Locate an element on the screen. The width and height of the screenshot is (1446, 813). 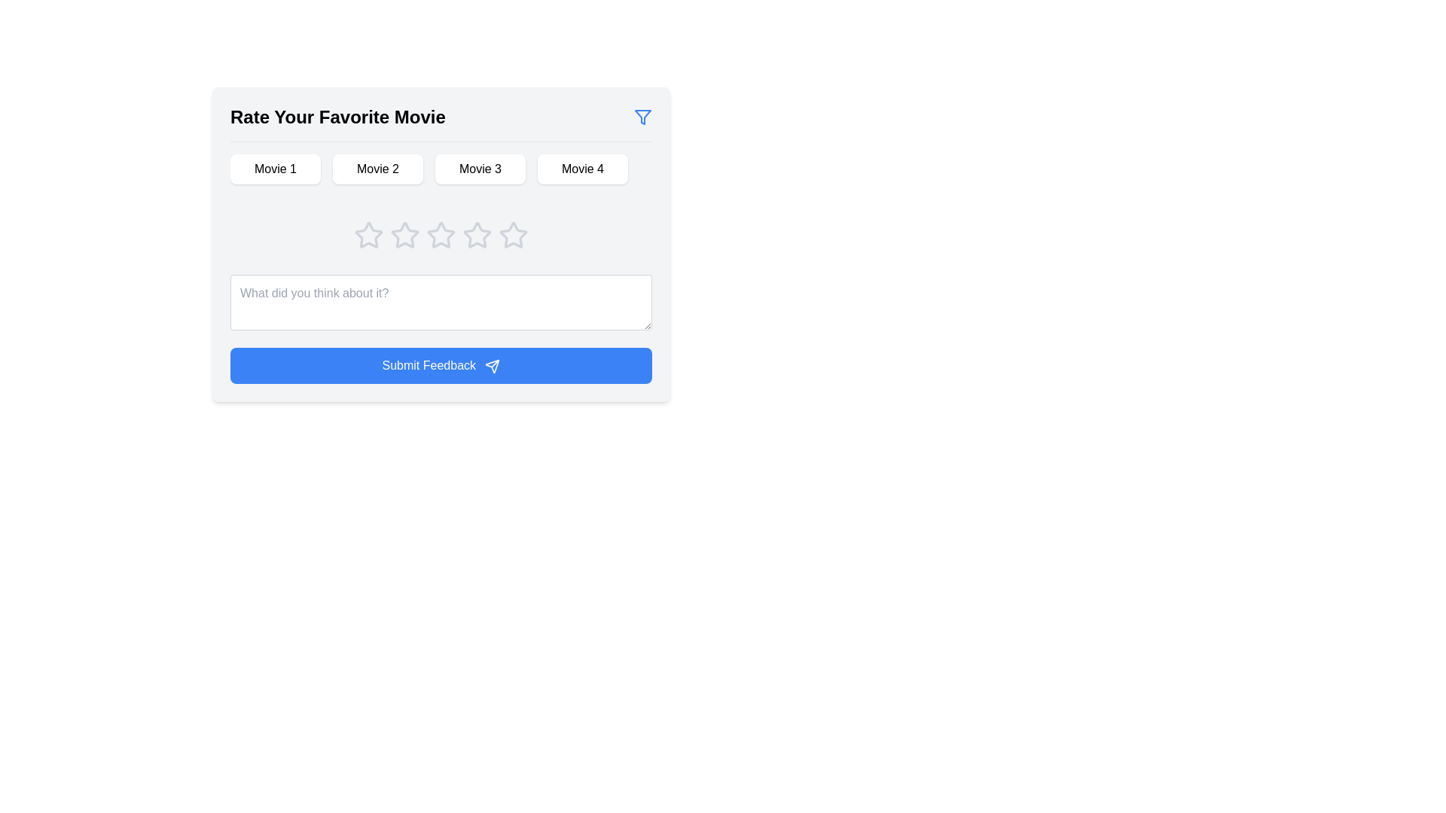
the light blue downward funnel-shaped filter icon located in the top-right corner of the 'Rate Your Favorite Movie' card is located at coordinates (643, 116).